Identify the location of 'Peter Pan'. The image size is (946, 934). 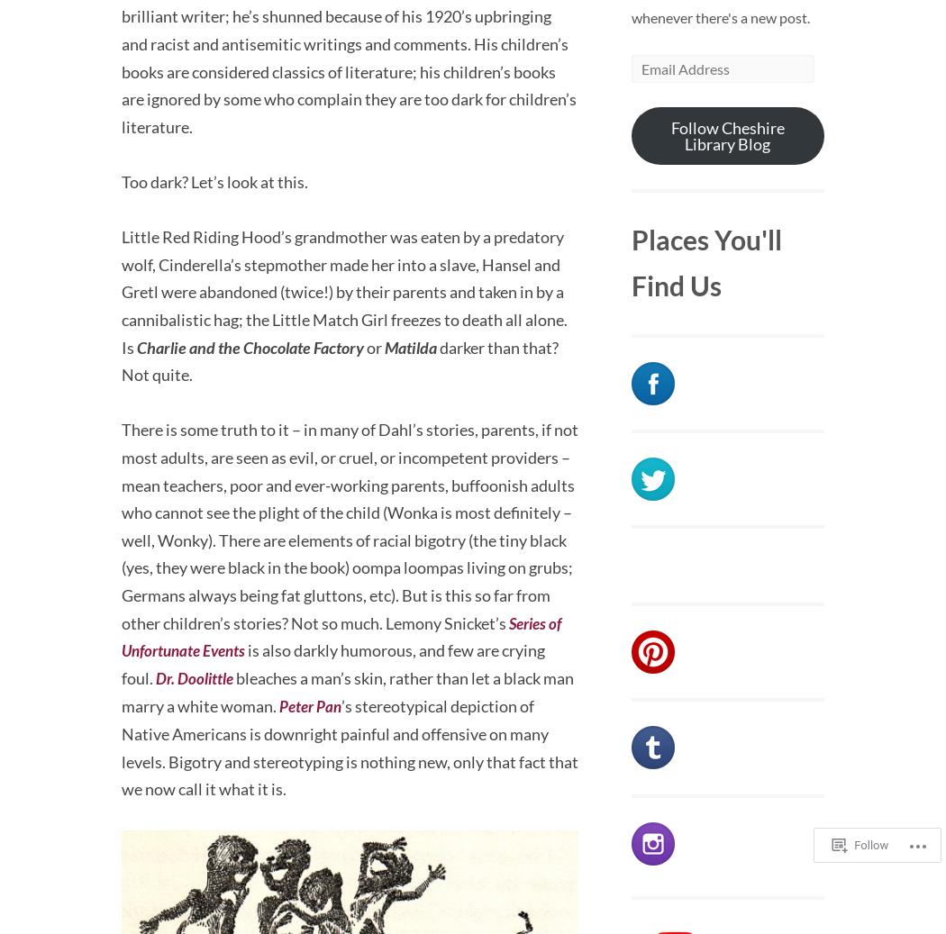
(278, 704).